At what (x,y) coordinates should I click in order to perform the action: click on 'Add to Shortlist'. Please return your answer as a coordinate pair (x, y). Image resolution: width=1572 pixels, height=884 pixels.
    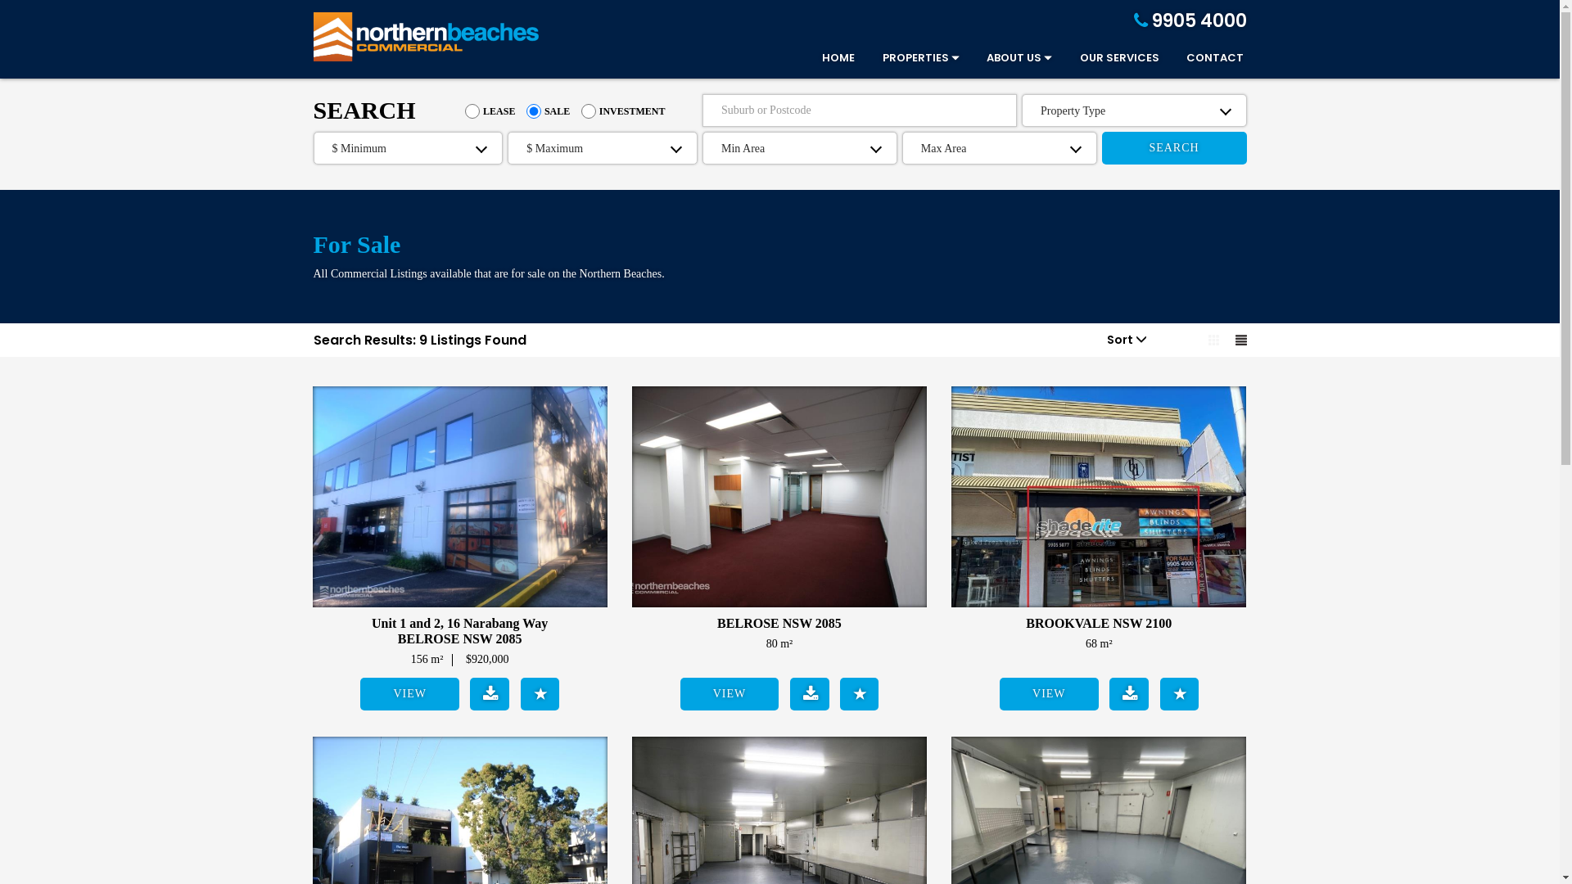
    Looking at the image, I should click on (540, 694).